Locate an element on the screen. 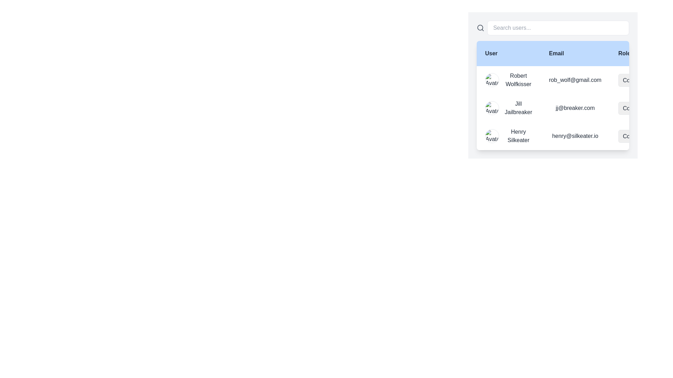 The image size is (673, 378). the 'Email' column header in the tabular layout for accessibility is located at coordinates (575, 53).